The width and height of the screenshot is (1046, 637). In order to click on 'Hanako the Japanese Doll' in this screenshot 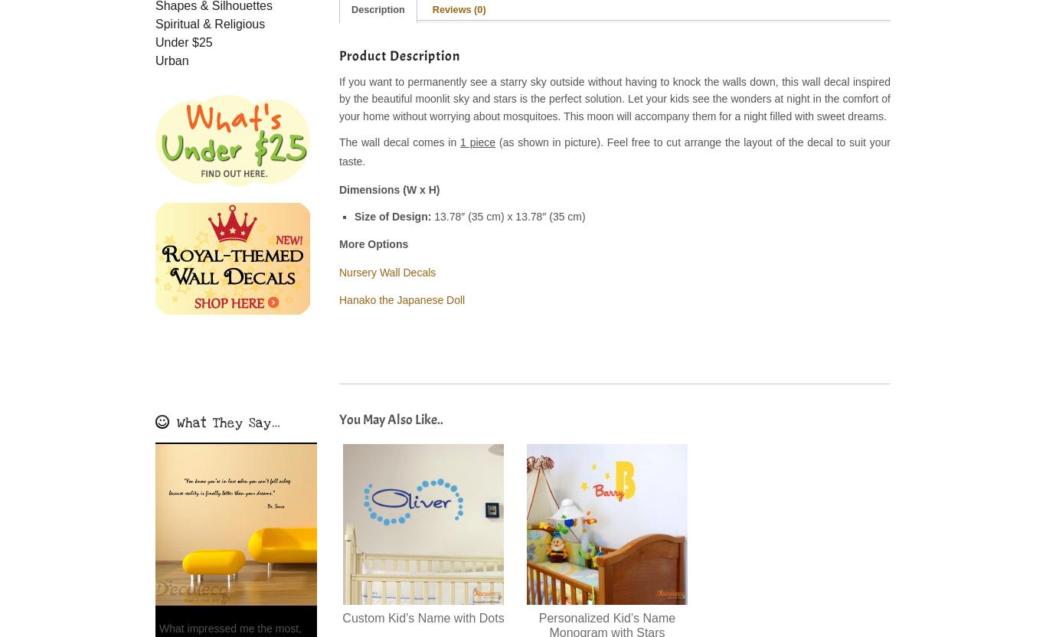, I will do `click(401, 299)`.